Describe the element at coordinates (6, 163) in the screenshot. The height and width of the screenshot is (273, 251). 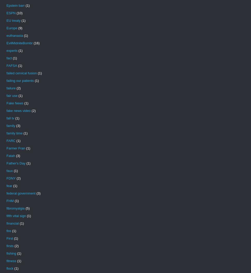
I see `'Father's Day'` at that location.